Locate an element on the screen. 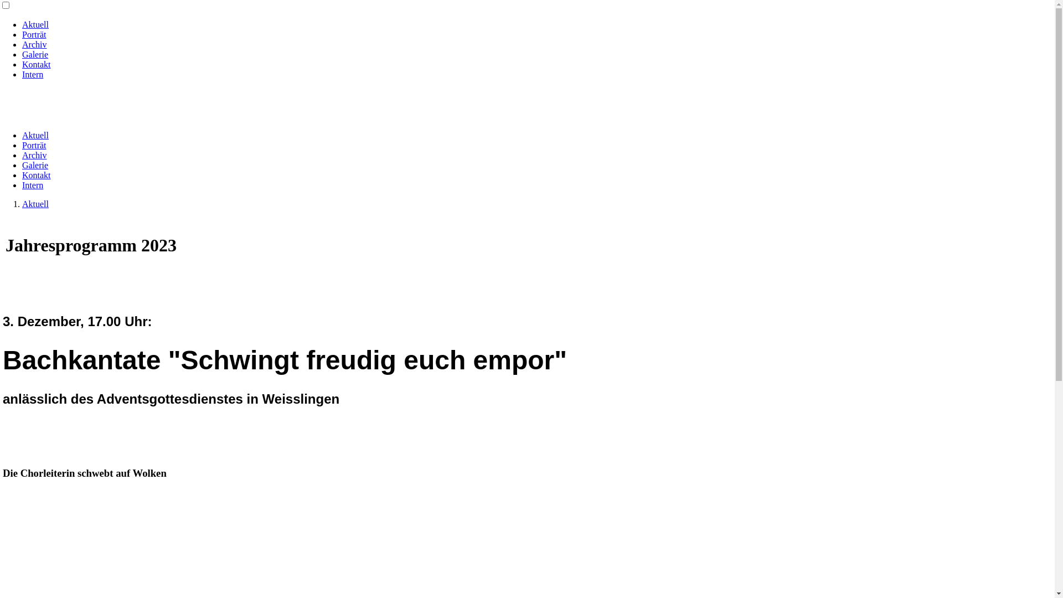  'Archiv' is located at coordinates (34, 44).